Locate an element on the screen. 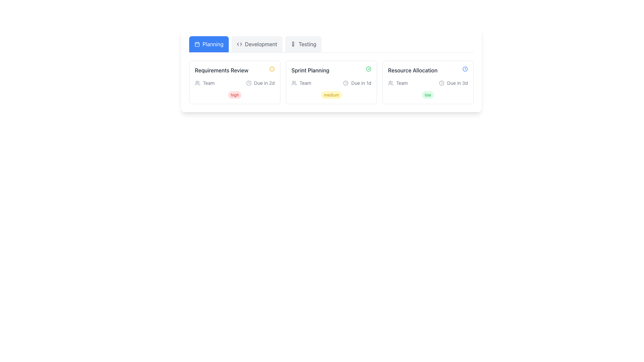  the SVG icon depicting two user figures, which represents a group or team, located to the left of the text 'Team' in the 'Resource Allocation' card under the 'Planning' category is located at coordinates (391, 82).